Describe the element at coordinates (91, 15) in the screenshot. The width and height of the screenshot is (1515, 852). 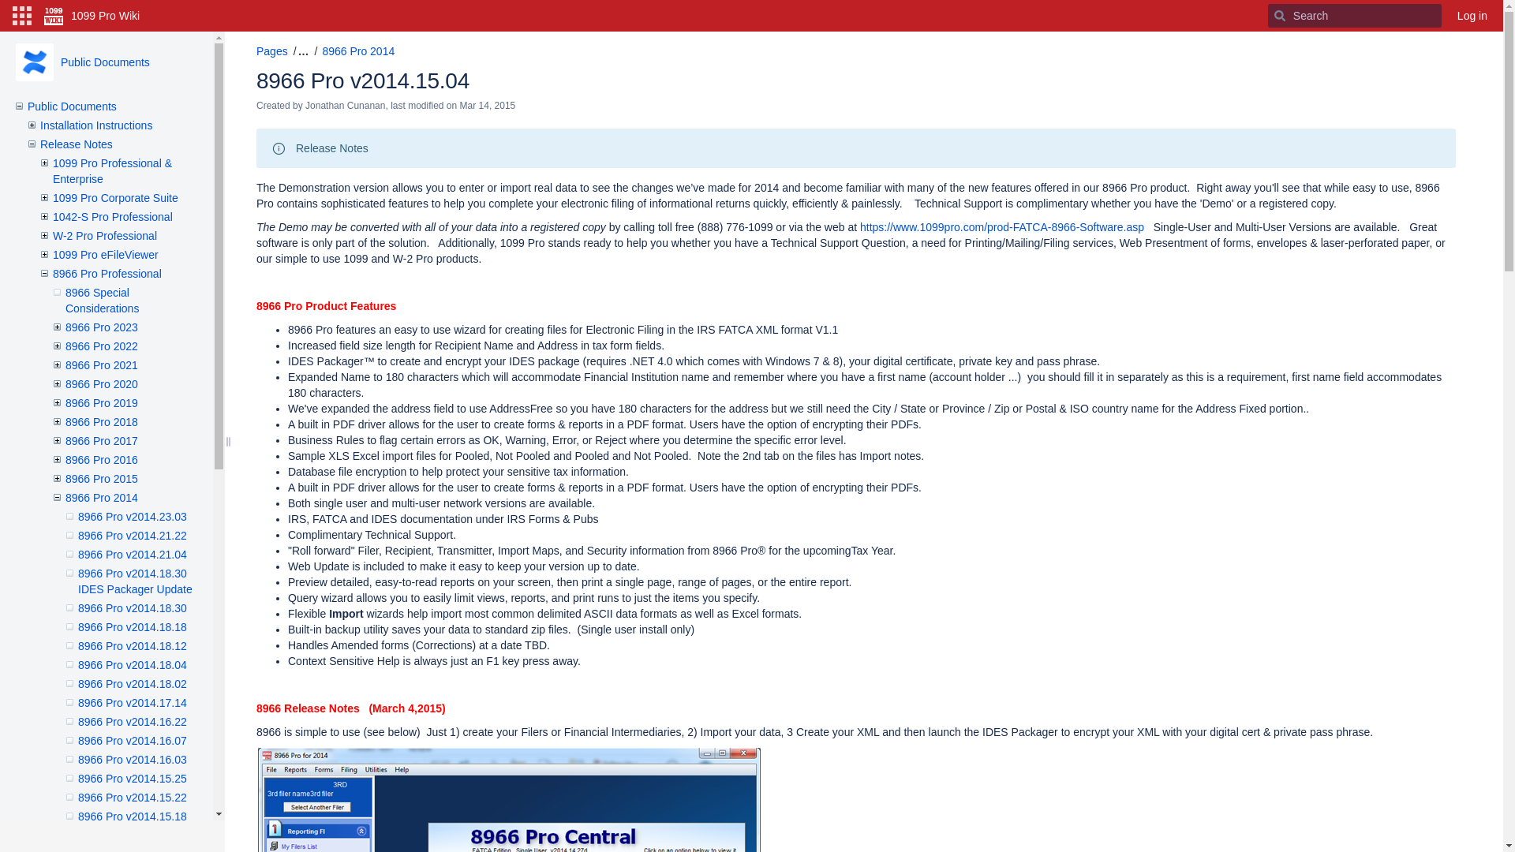
I see `'1099 Pro Wiki'` at that location.